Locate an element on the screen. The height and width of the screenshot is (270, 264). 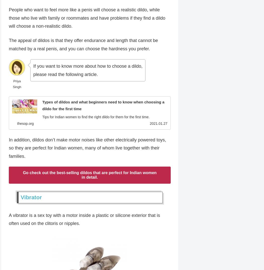
'Types of dildos and what beginners need to know when choosing a dildo for the first time' is located at coordinates (103, 105).